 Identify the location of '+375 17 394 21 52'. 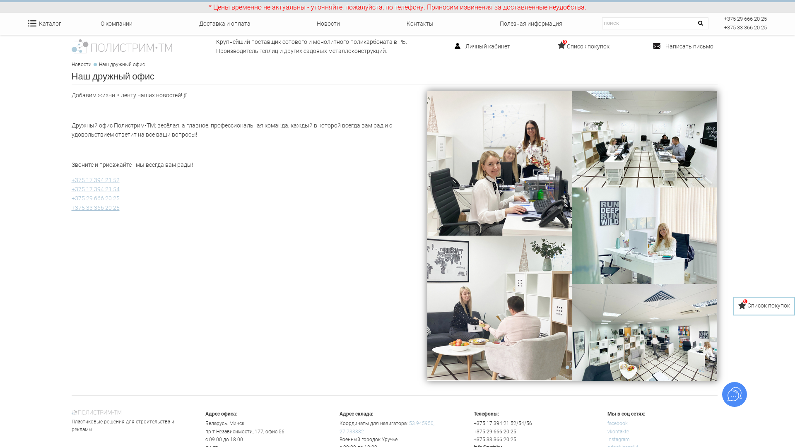
(95, 180).